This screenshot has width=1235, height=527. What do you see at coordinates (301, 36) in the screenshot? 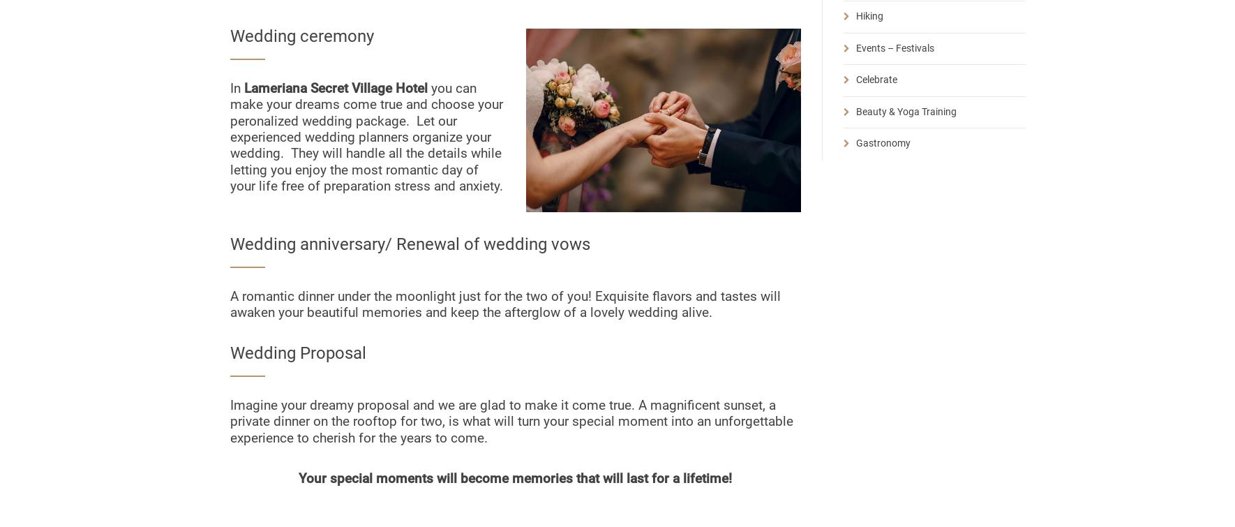
I see `'Wedding ceremony'` at bounding box center [301, 36].